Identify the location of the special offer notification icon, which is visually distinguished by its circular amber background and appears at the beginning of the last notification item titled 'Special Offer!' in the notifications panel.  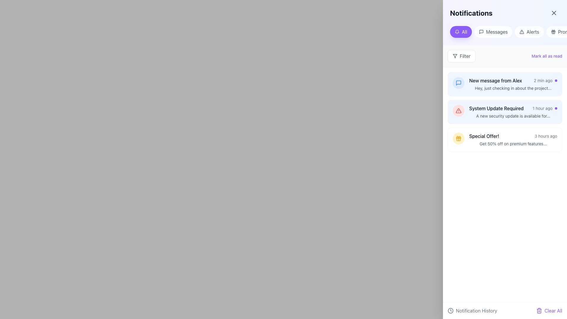
(458, 139).